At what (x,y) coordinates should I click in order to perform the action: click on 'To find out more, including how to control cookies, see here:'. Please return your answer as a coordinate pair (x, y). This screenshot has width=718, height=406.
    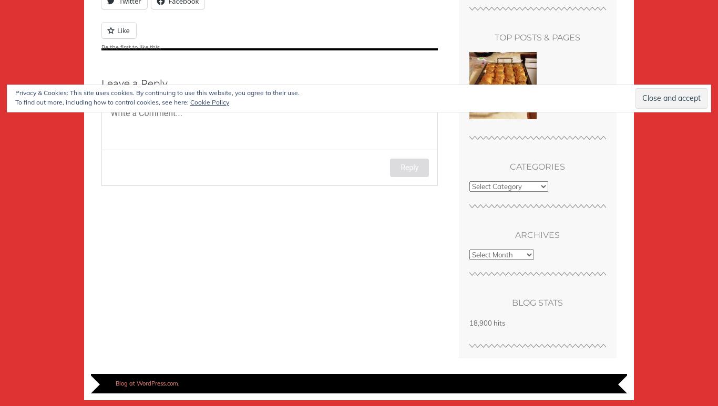
    Looking at the image, I should click on (15, 101).